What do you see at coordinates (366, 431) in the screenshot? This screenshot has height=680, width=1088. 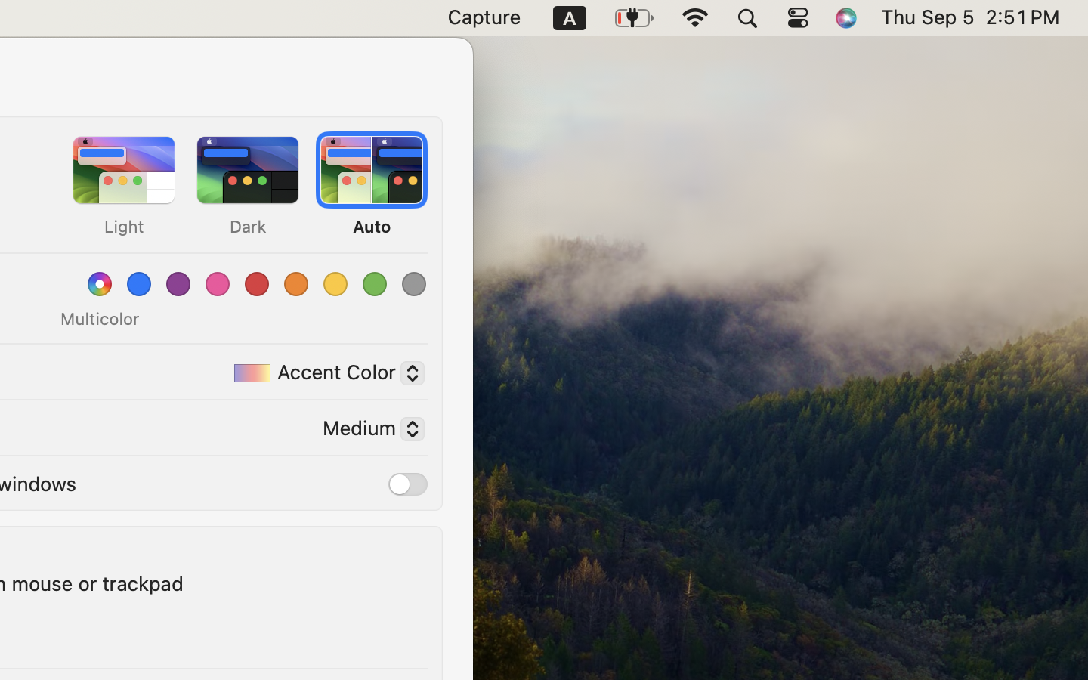 I see `'Medium'` at bounding box center [366, 431].